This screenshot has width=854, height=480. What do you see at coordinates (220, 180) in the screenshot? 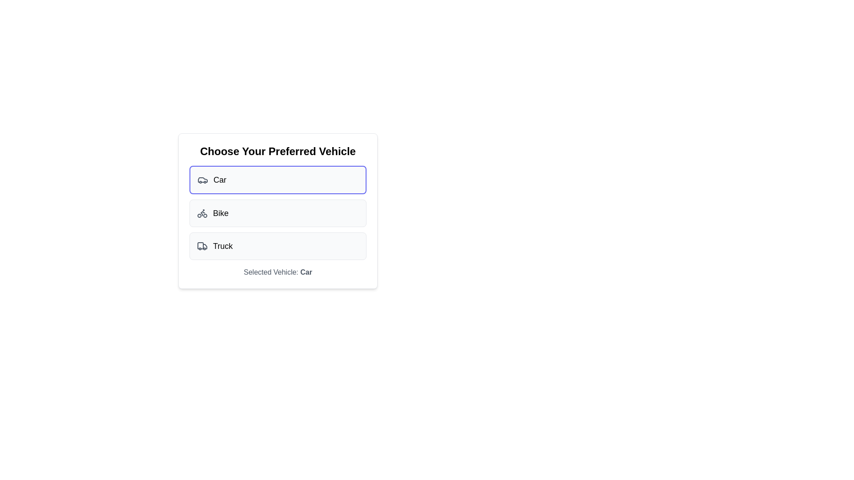
I see `the 'Car' option label in the vehicle selection menu, which is located immediately to the right of the car icon in the top middle section of the card labeled 'Choose Your Preferred Vehicle'` at bounding box center [220, 180].